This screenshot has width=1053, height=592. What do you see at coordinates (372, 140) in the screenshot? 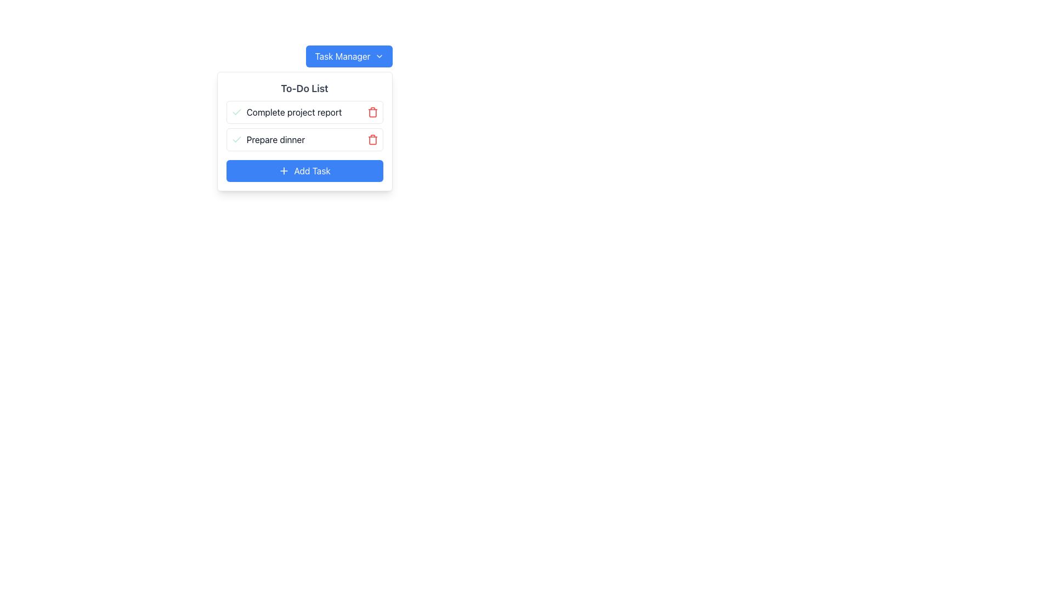
I see `the trash bin icon's main rectangular body, which is part of a modern minimalist SVG design located to the right of task descriptions in a vertical task list` at bounding box center [372, 140].